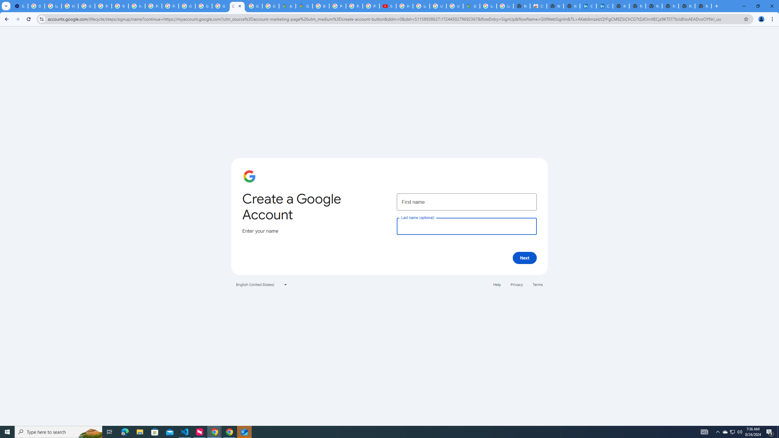 The image size is (779, 438). I want to click on 'Create your Google Account', so click(237, 6).